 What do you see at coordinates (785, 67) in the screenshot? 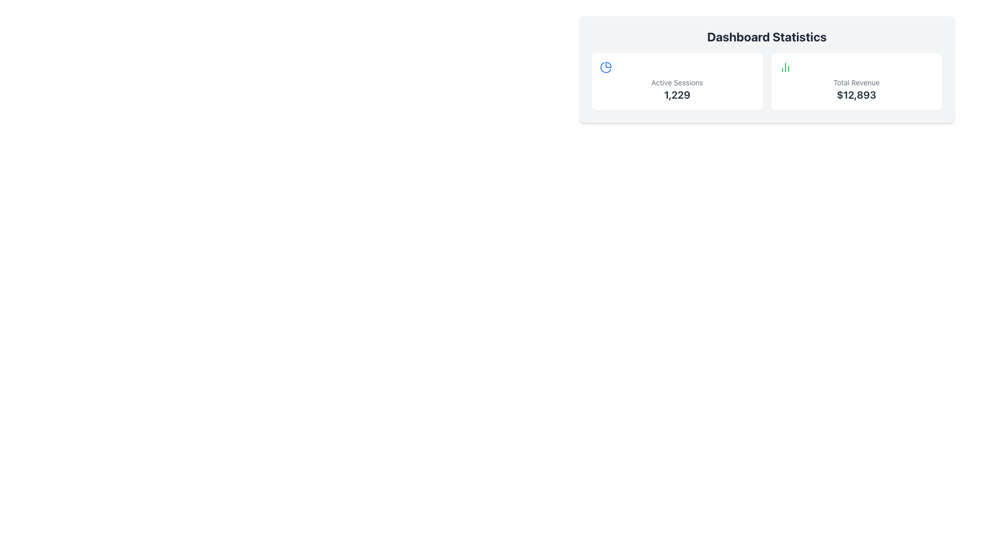
I see `the bar chart icon located in the 'Total Revenue' statistics box, which is styled in green and positioned above the text '$12,893'` at bounding box center [785, 67].